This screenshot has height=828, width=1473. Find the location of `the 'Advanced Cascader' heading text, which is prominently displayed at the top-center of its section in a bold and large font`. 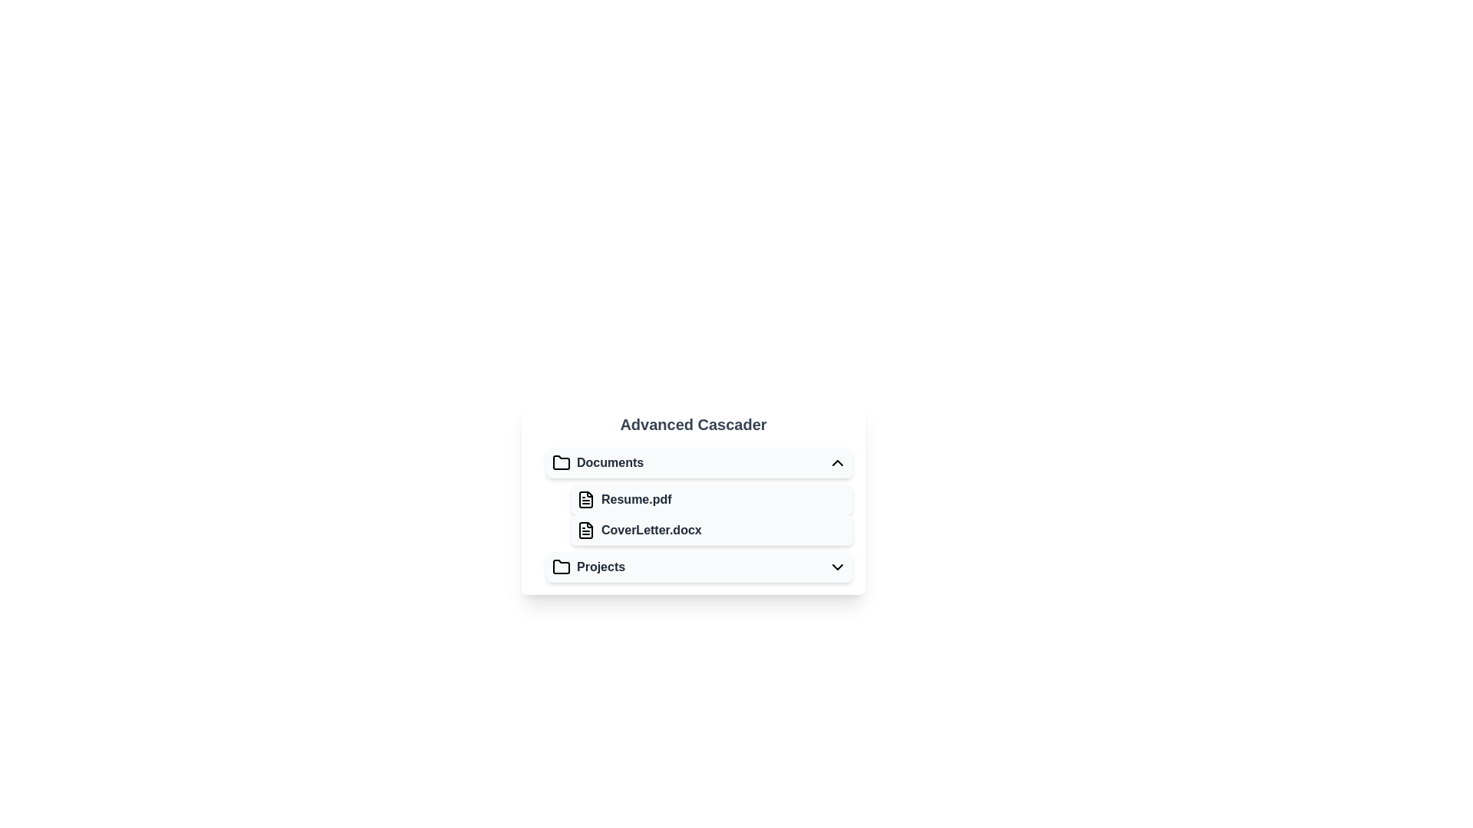

the 'Advanced Cascader' heading text, which is prominently displayed at the top-center of its section in a bold and large font is located at coordinates (692, 425).